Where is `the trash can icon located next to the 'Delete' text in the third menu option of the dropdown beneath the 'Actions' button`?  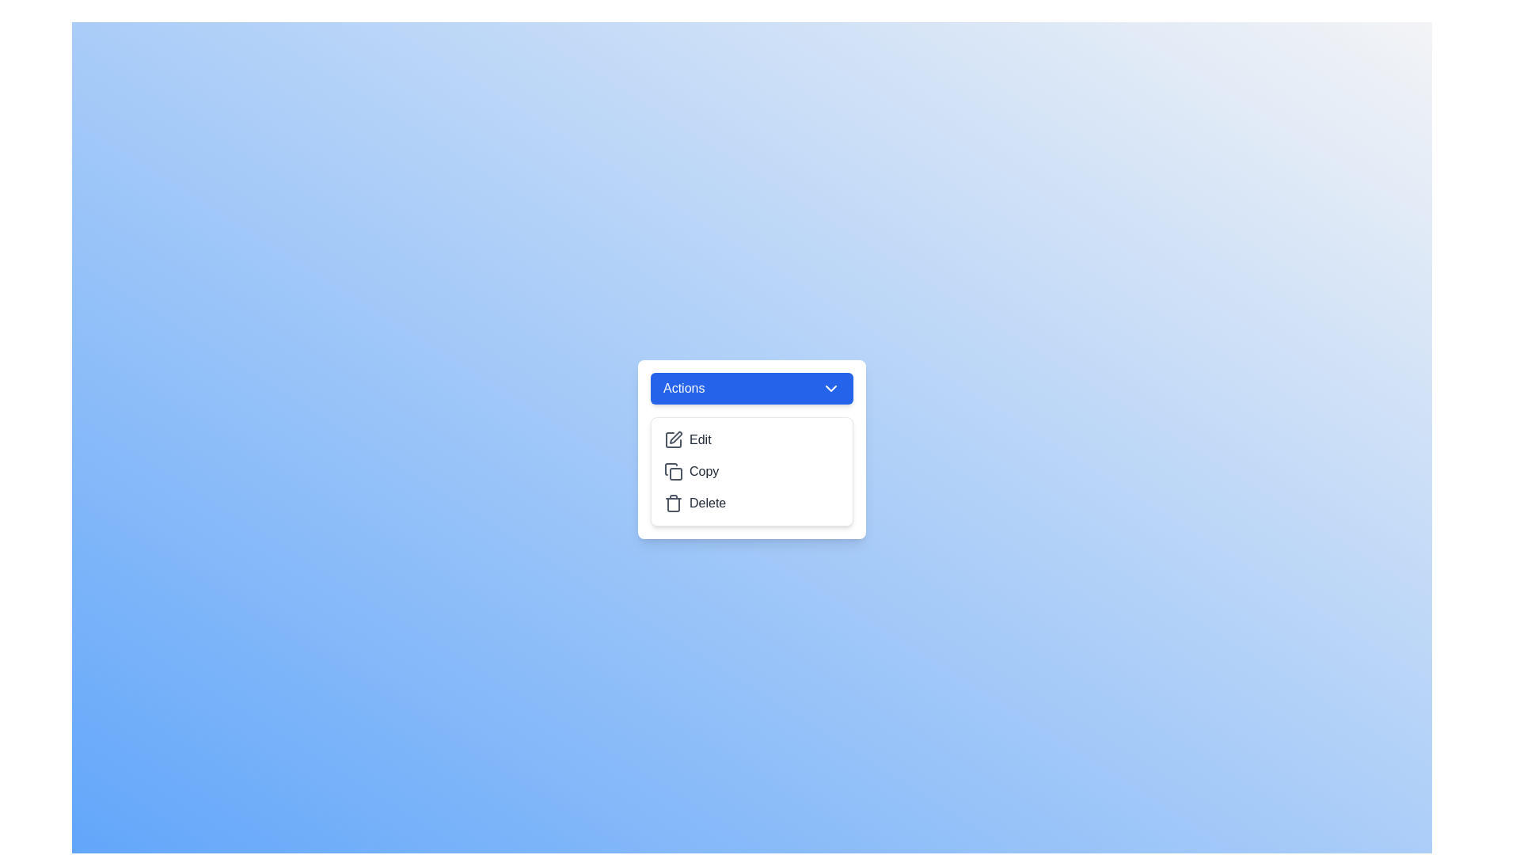 the trash can icon located next to the 'Delete' text in the third menu option of the dropdown beneath the 'Actions' button is located at coordinates (673, 503).